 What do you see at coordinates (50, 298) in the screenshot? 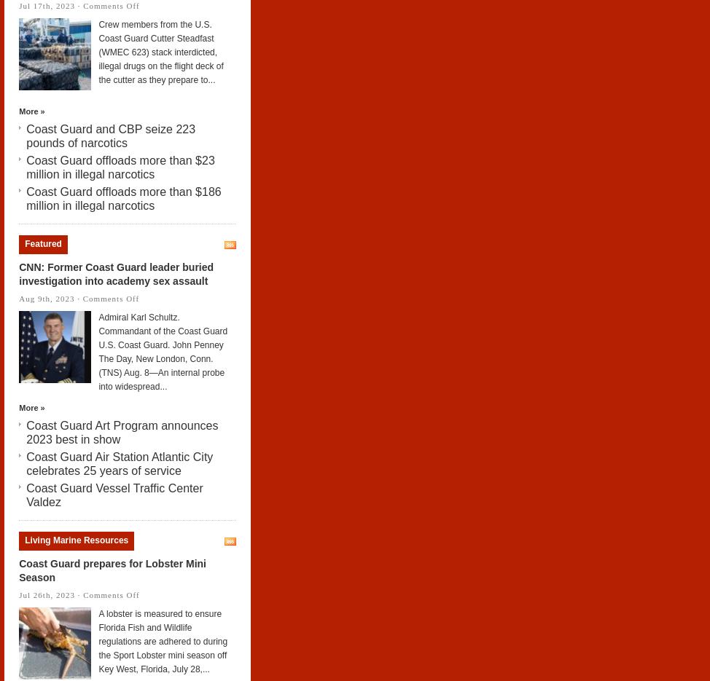
I see `'Aug 9th, 2023 ·'` at bounding box center [50, 298].